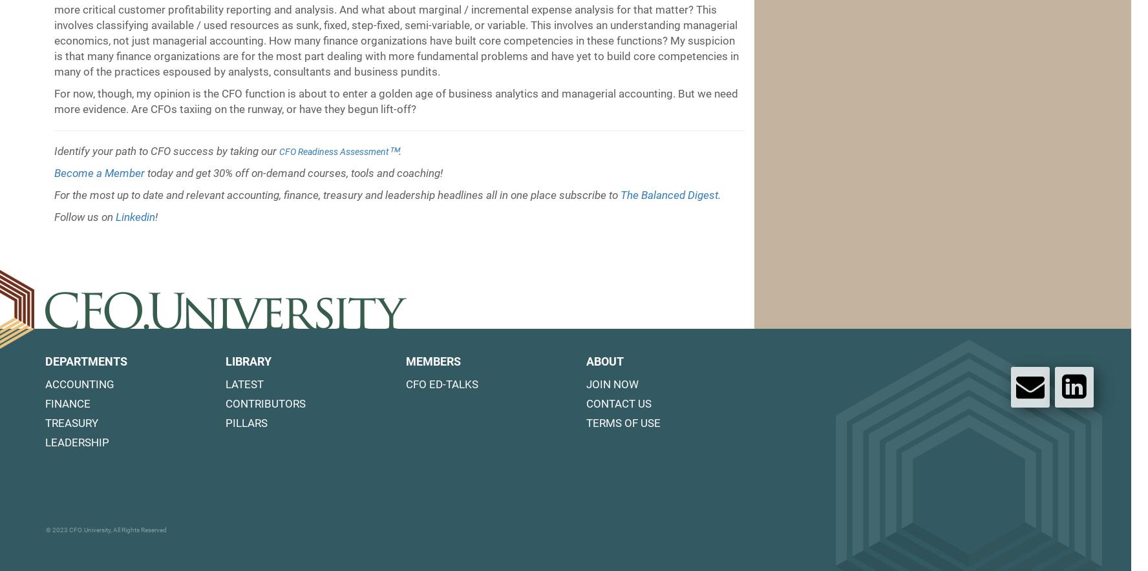 The height and width of the screenshot is (571, 1148). I want to click on 'Contact Us', so click(586, 403).